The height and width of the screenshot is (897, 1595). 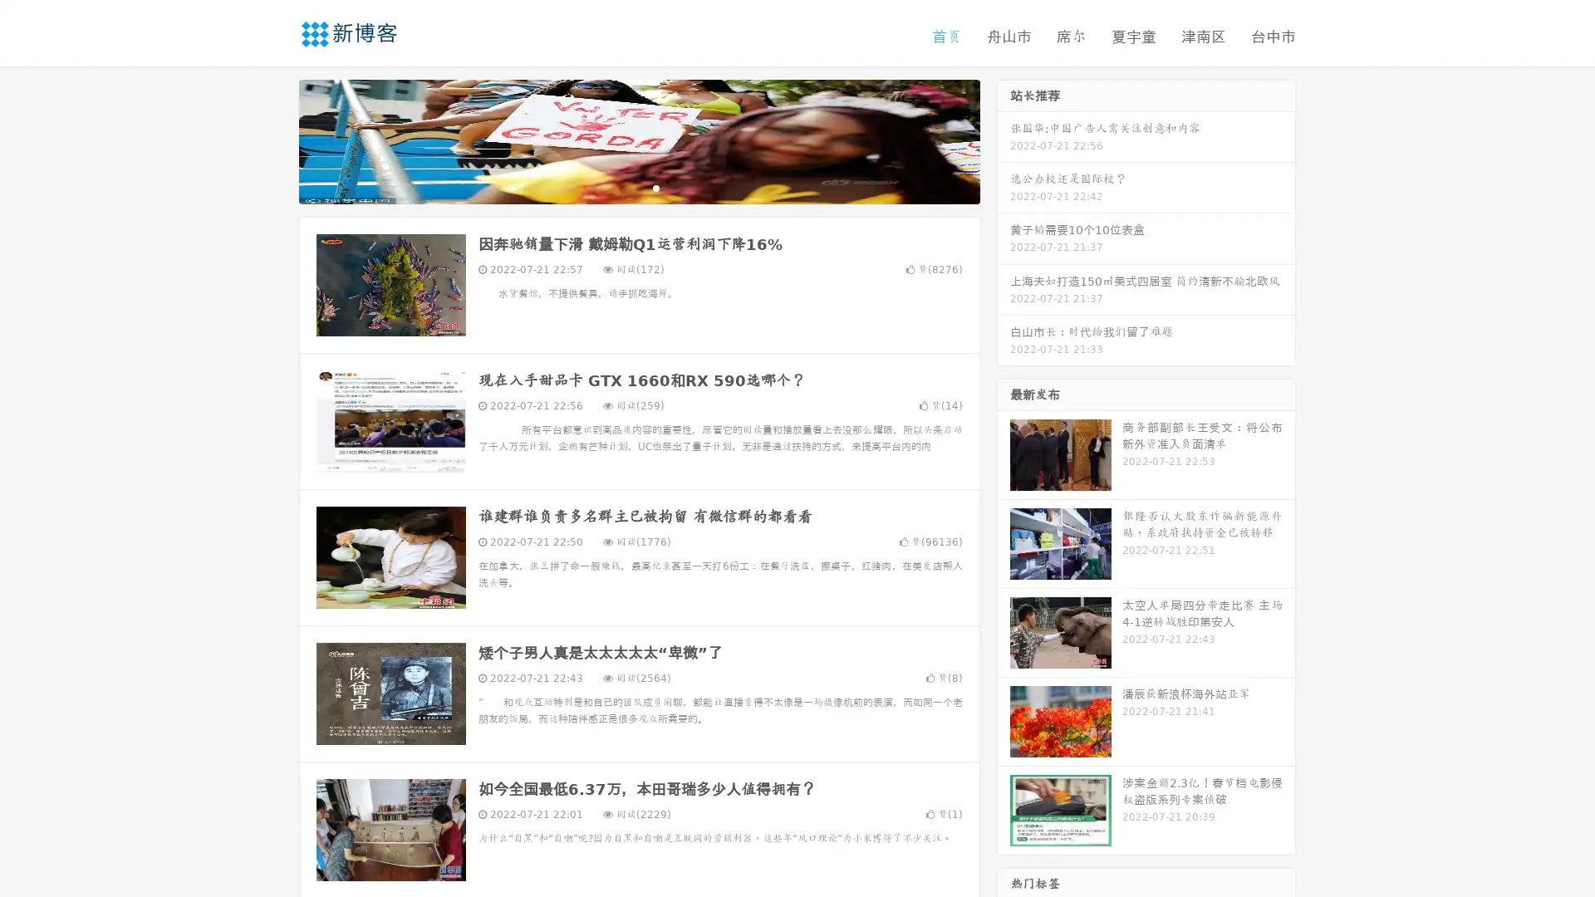 I want to click on Go to slide 3, so click(x=655, y=187).